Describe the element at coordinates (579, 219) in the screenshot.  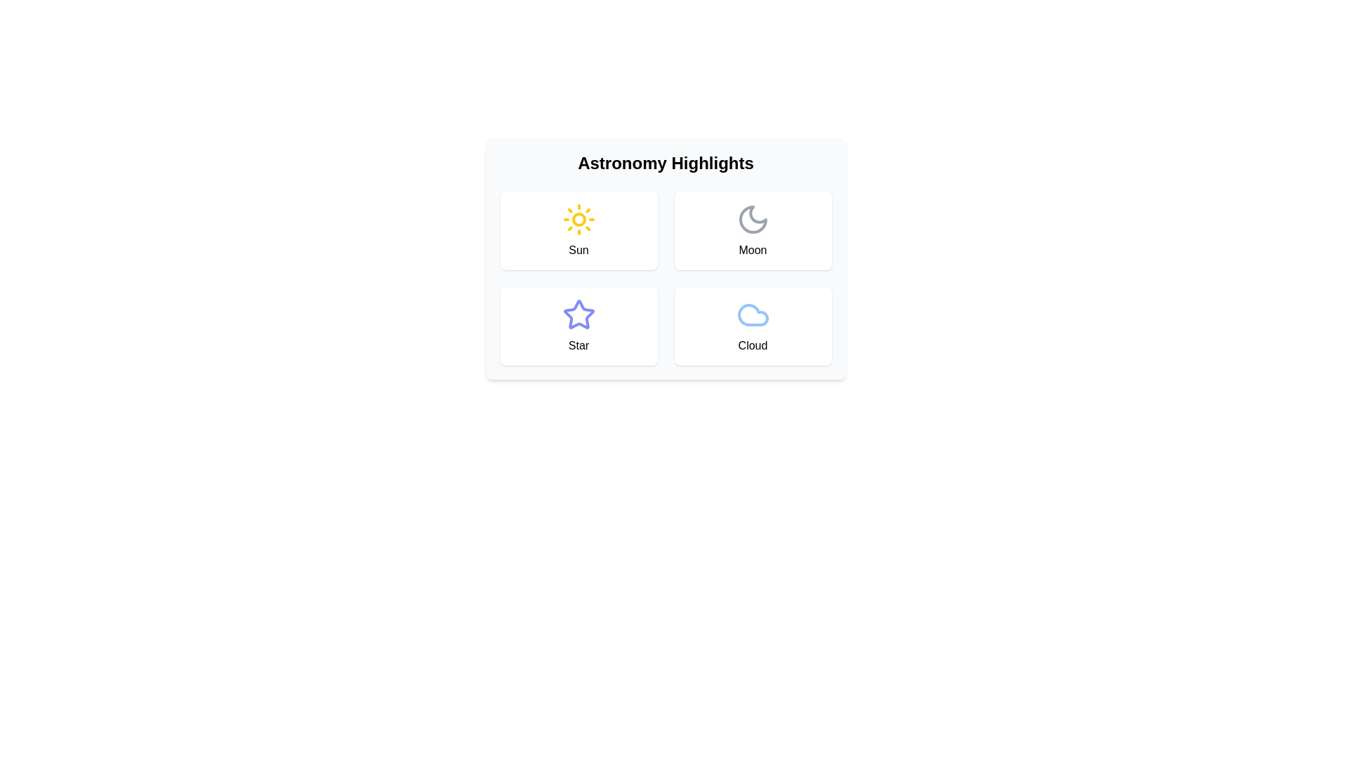
I see `the 'Sun' card icon, which visually represents the sun and is located in the top-left section of the card grid` at that location.